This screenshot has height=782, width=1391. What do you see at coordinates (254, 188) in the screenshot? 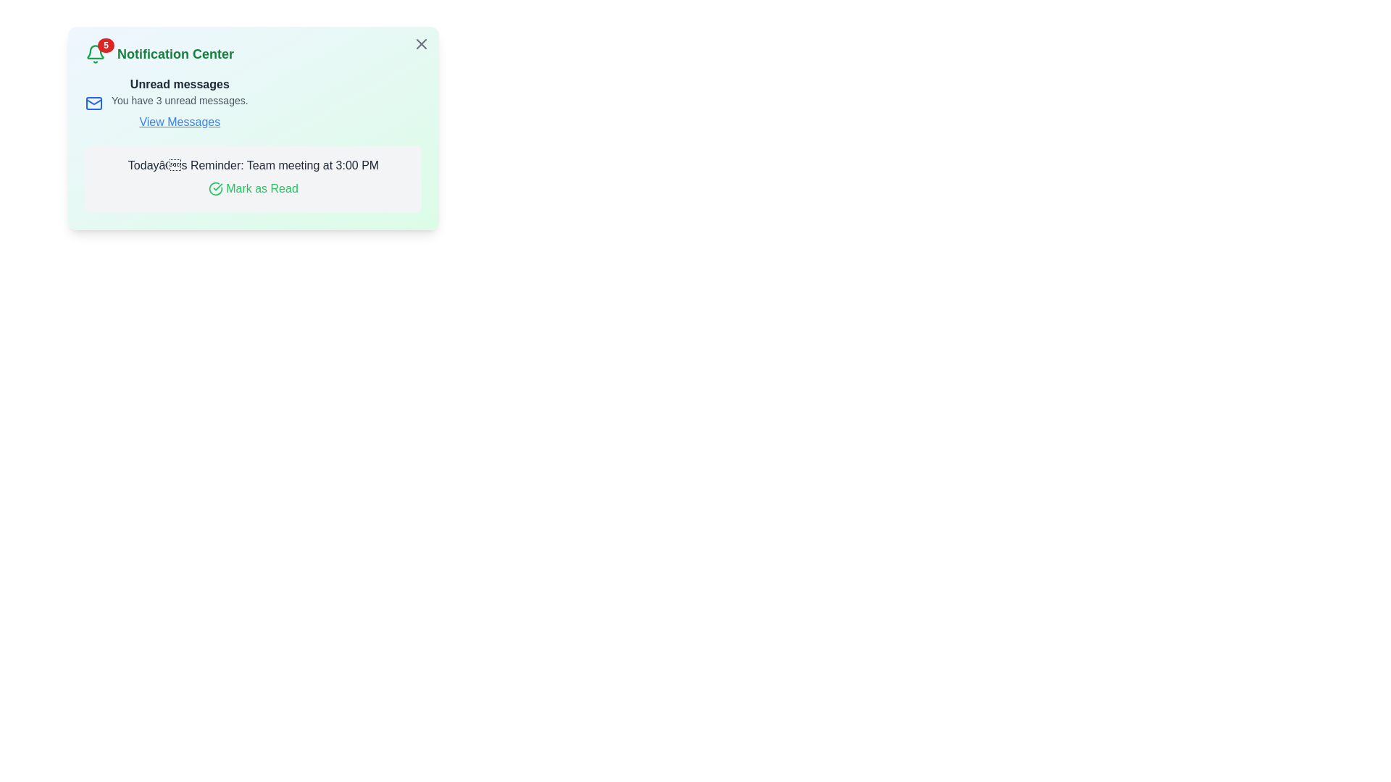
I see `the 'Mark as Read' button located in the notification center panel, which is identified by its green styled text and green checkmark icon, to mark the notification as read` at bounding box center [254, 188].